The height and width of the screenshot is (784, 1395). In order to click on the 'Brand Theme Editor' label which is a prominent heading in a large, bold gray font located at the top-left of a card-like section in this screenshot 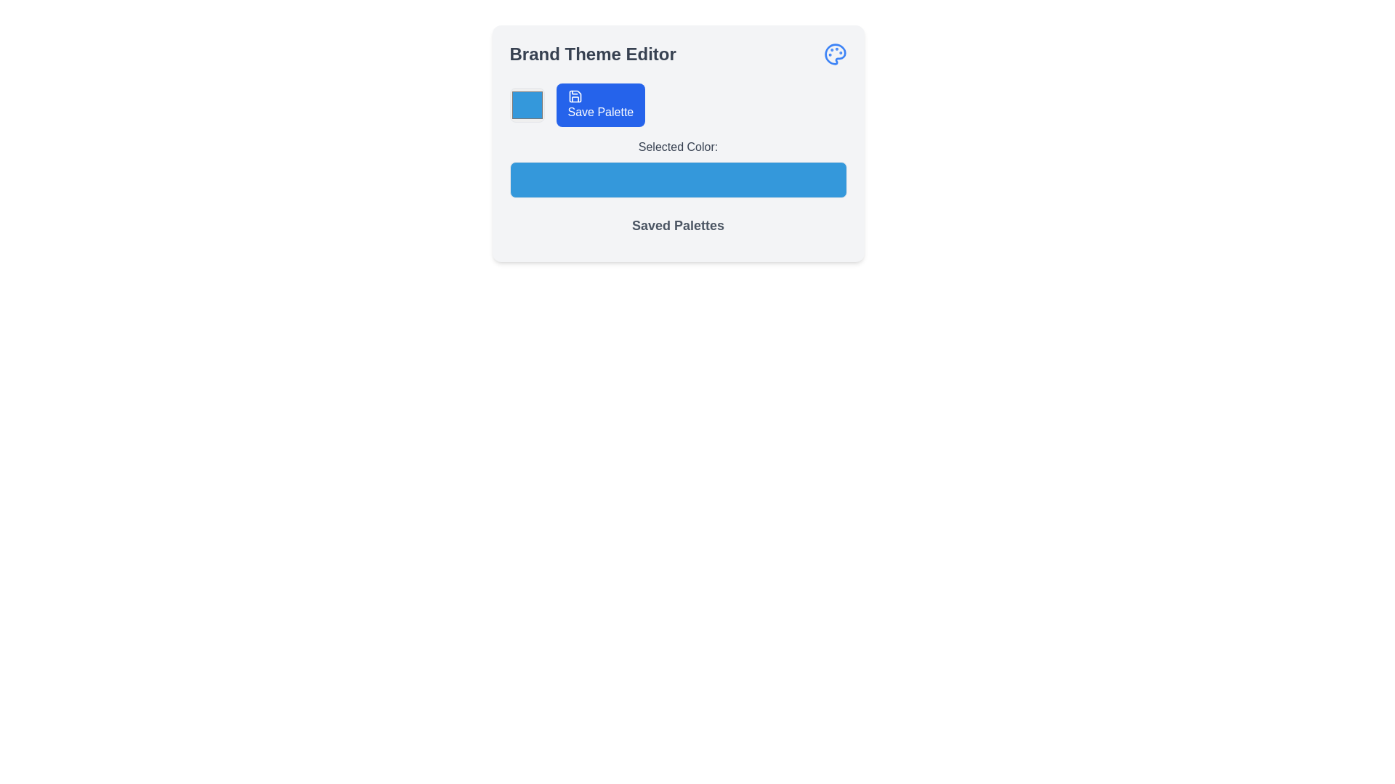, I will do `click(593, 53)`.